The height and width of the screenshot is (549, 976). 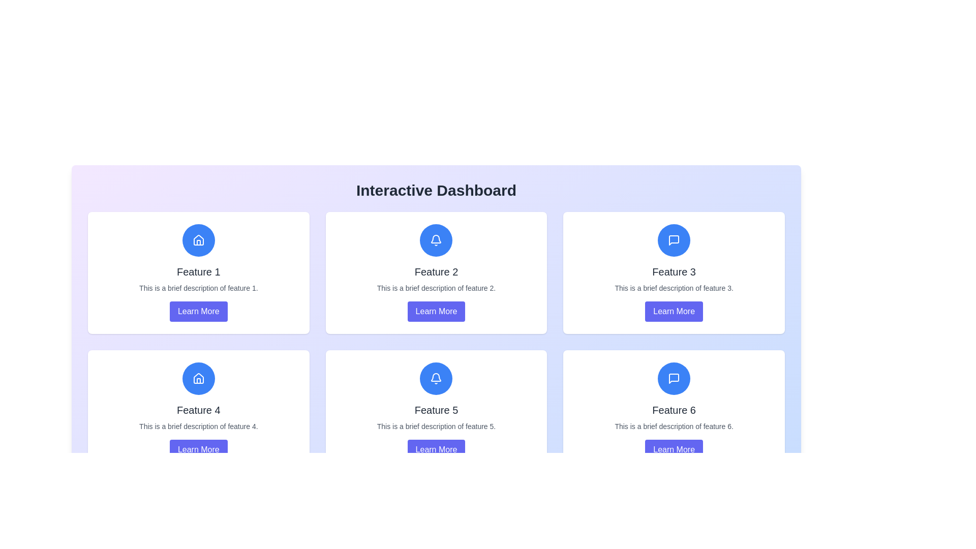 I want to click on the button located at the bottom of the 'Feature 1' card, so click(x=198, y=311).